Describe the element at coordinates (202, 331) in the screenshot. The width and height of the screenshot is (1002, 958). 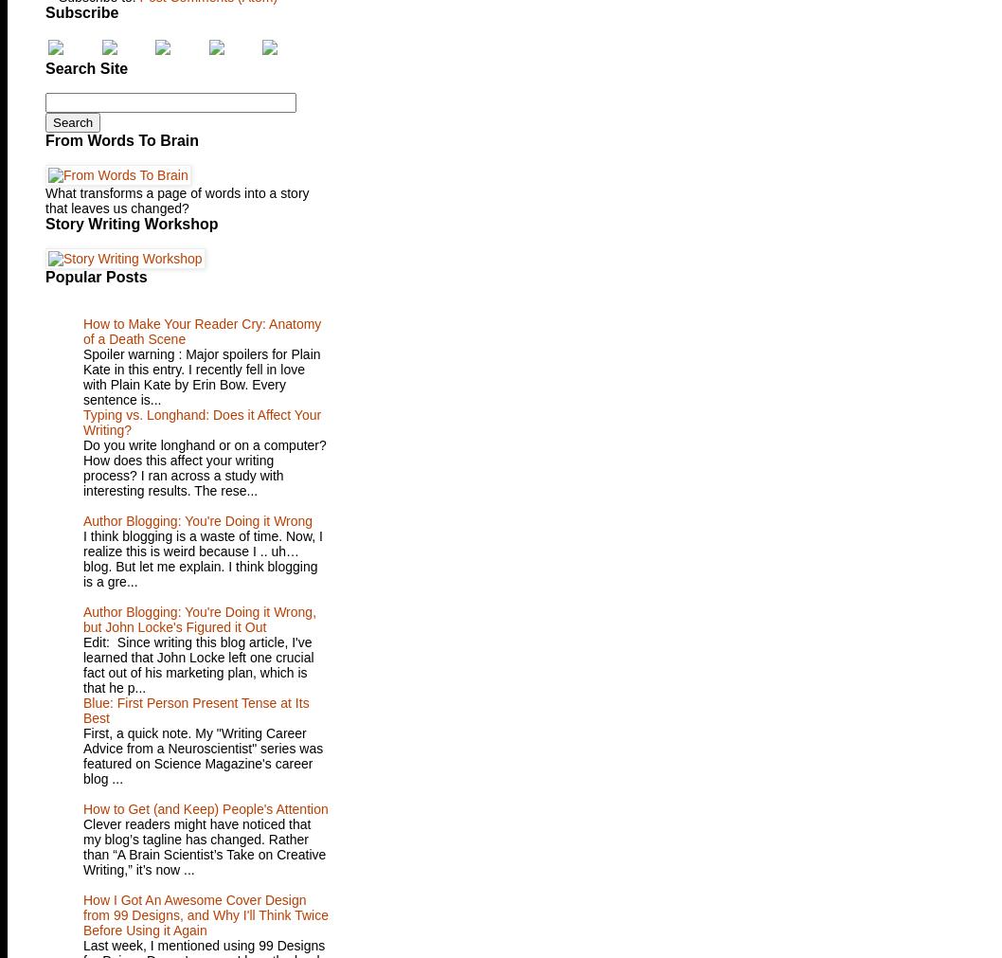
I see `'How to Make Your Reader Cry:  Anatomy of a Death Scene'` at that location.